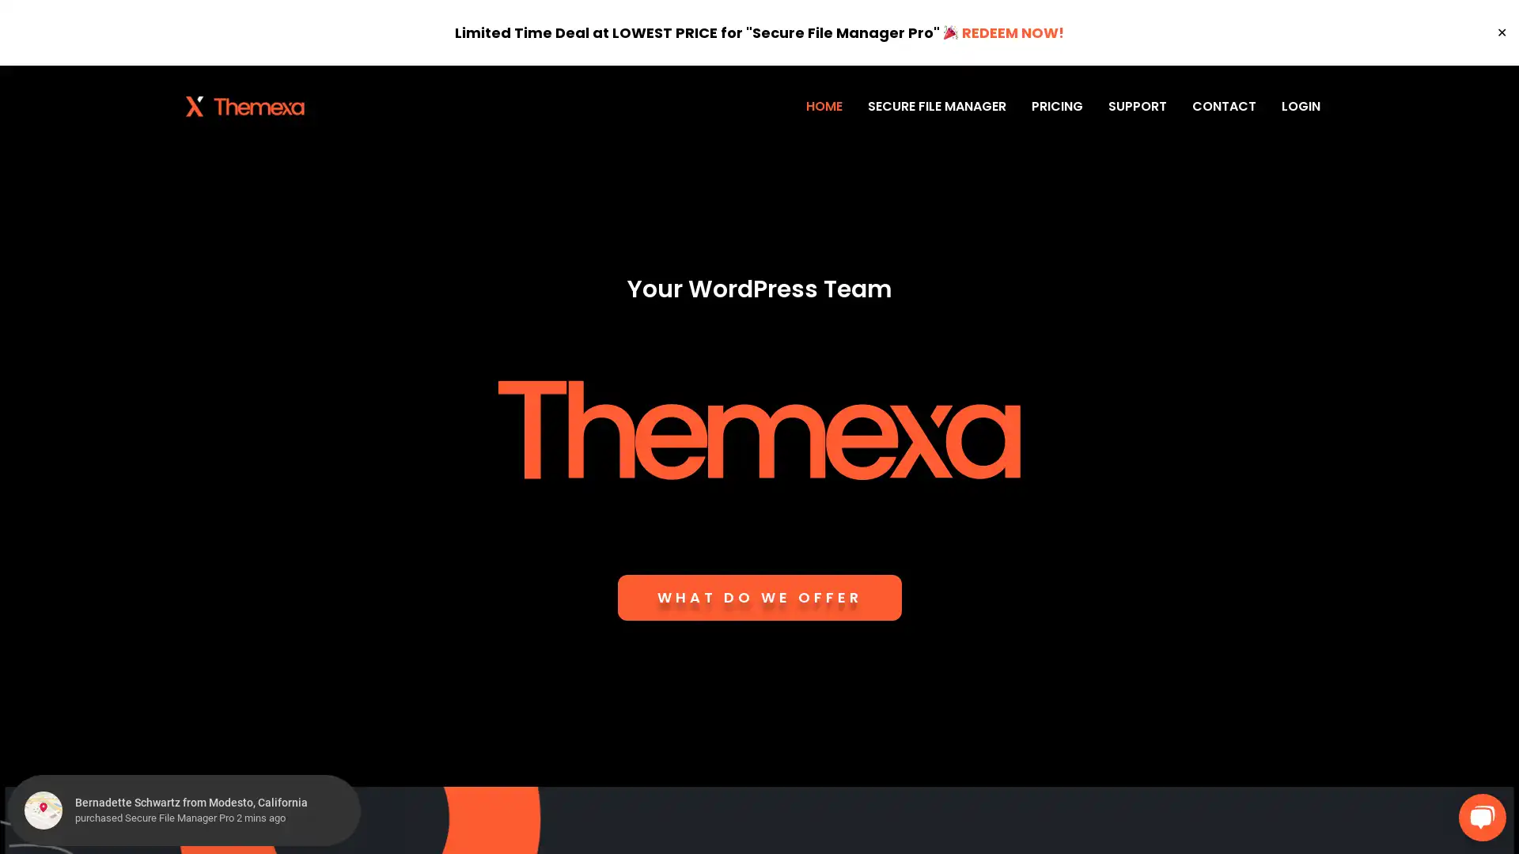 This screenshot has height=854, width=1519. Describe the element at coordinates (758, 598) in the screenshot. I see `WHAT DO WE OFFER` at that location.